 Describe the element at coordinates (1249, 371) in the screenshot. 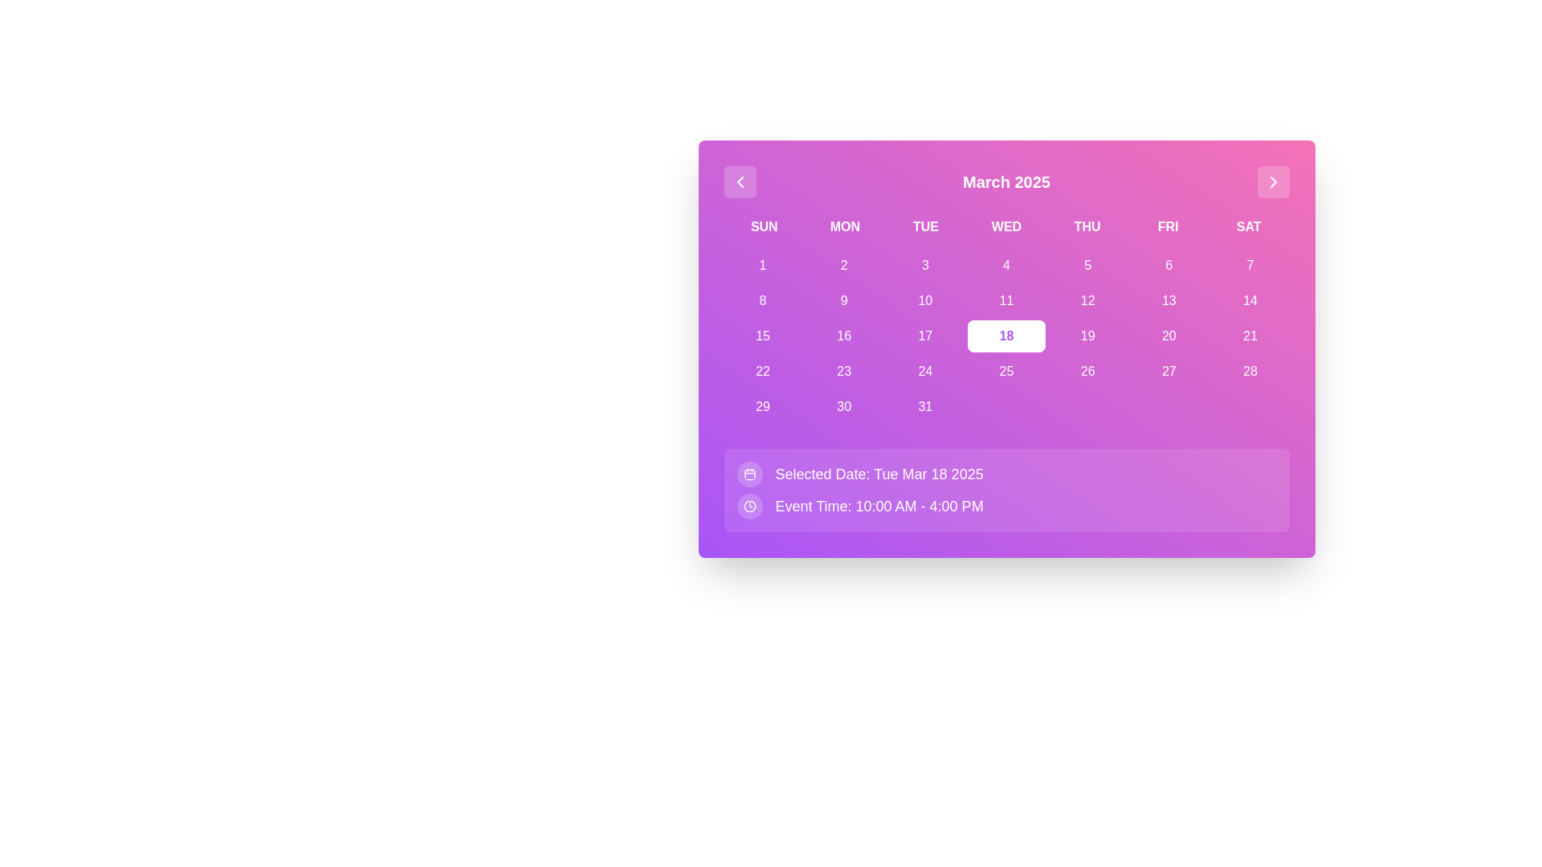

I see `the button displaying the date '28' in the calendar grid` at that location.